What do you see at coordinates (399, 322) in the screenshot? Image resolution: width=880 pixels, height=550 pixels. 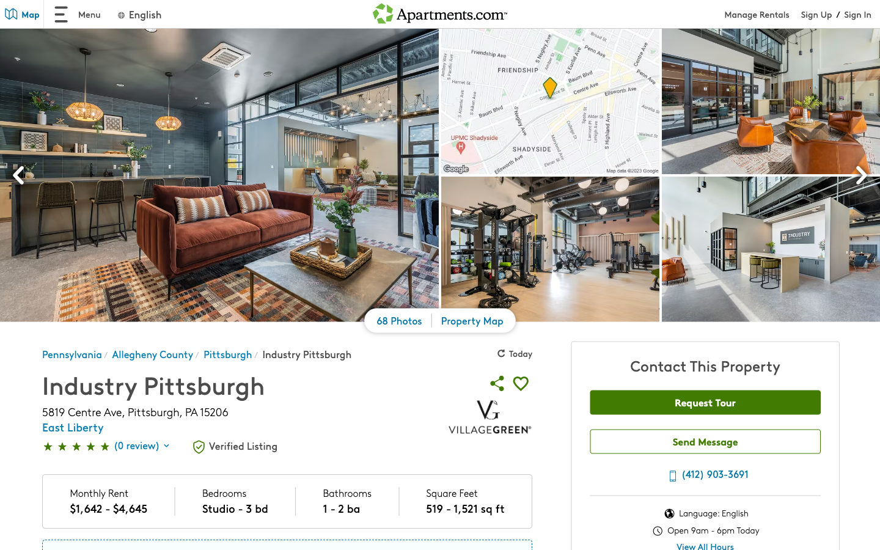 I see `the photo gallery and scroll through images` at bounding box center [399, 322].